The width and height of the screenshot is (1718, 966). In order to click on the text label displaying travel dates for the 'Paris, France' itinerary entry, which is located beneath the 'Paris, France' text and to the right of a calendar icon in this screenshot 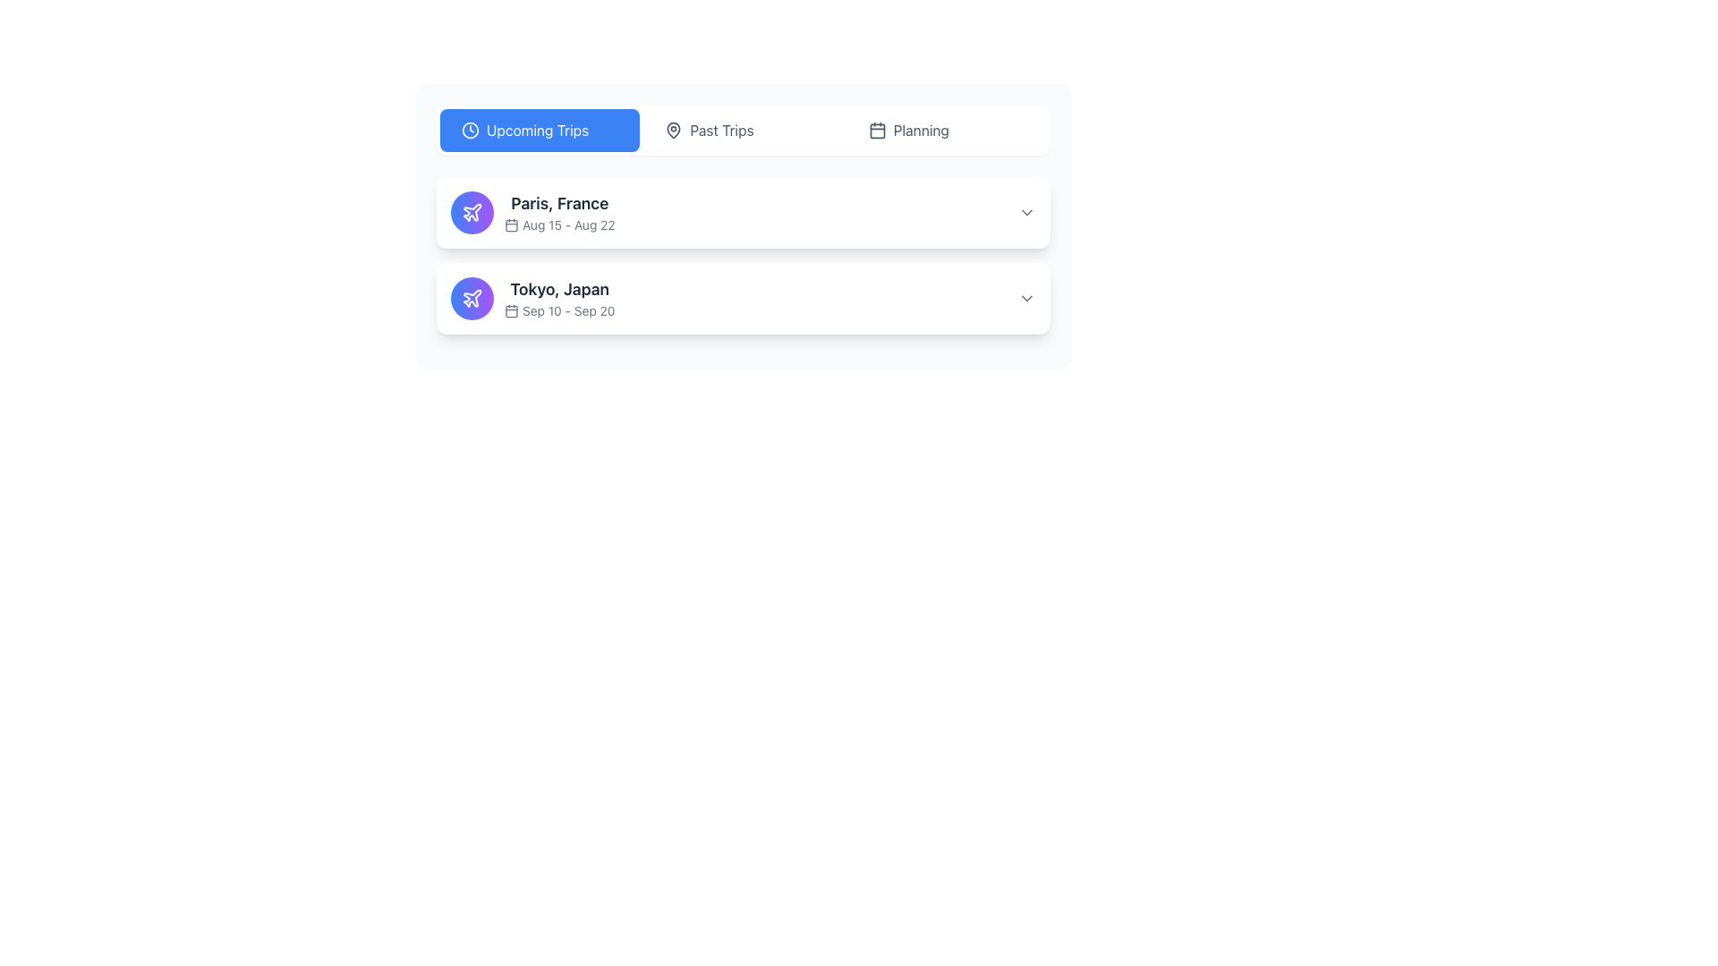, I will do `click(558, 224)`.